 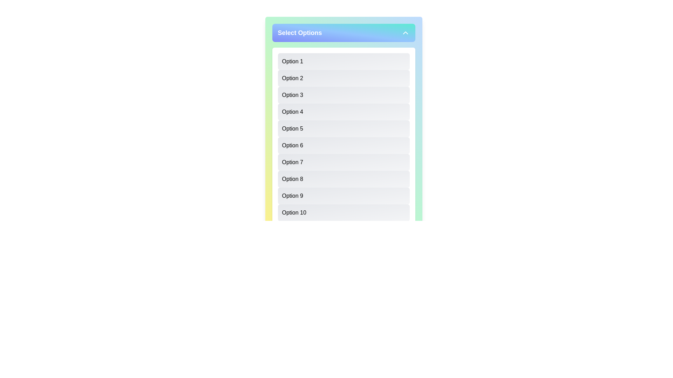 I want to click on the list item labeled 'Option 6', so click(x=292, y=145).